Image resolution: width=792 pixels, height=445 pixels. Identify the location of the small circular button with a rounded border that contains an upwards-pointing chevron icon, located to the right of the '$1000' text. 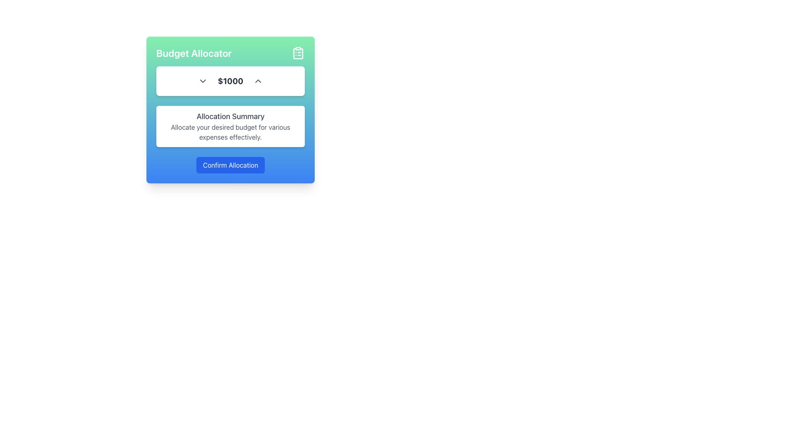
(257, 81).